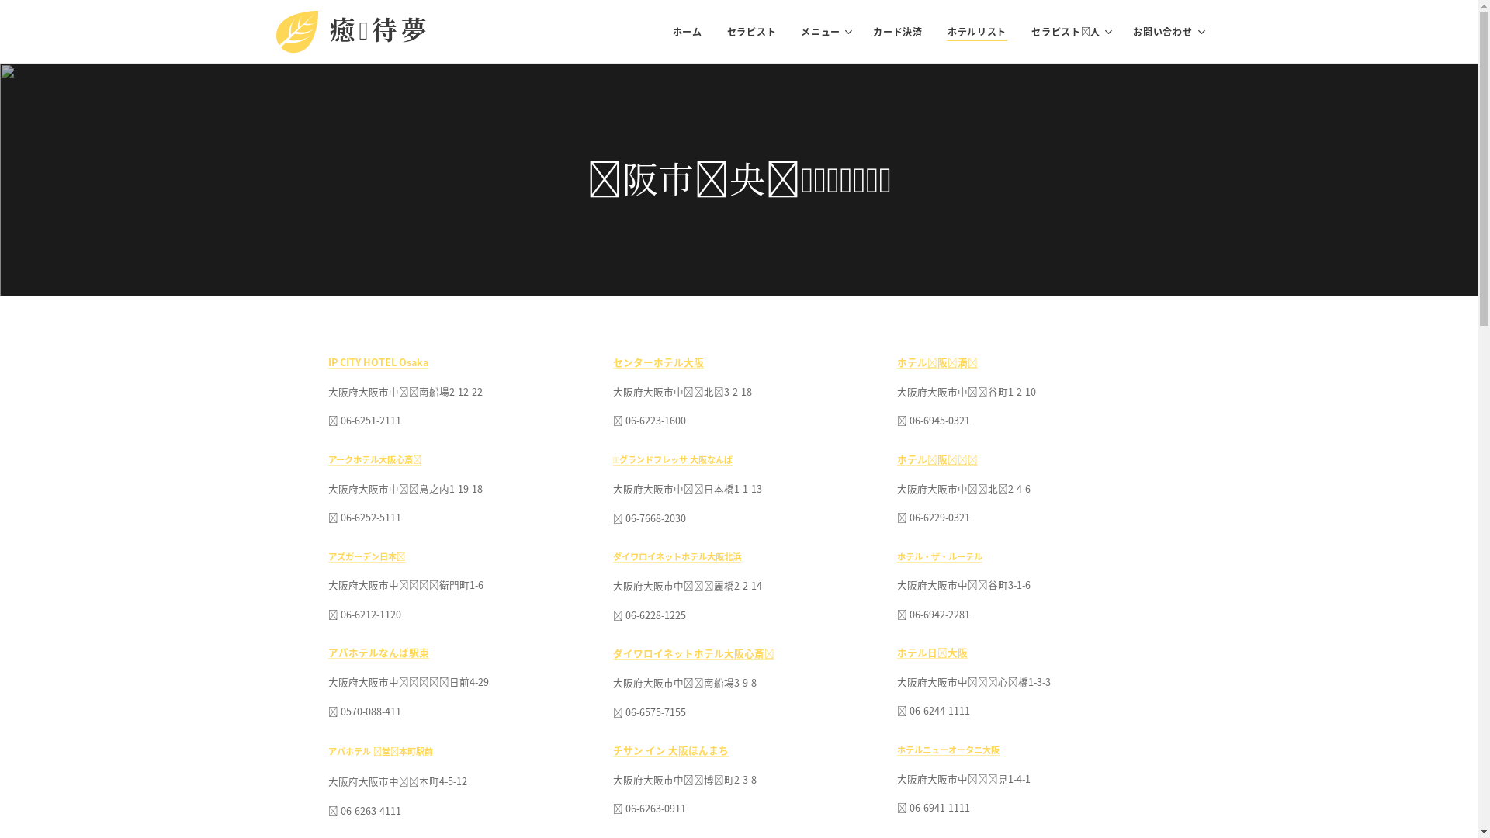 Image resolution: width=1490 pixels, height=838 pixels. Describe the element at coordinates (377, 362) in the screenshot. I see `'IP CITY HOTEL Osaka'` at that location.